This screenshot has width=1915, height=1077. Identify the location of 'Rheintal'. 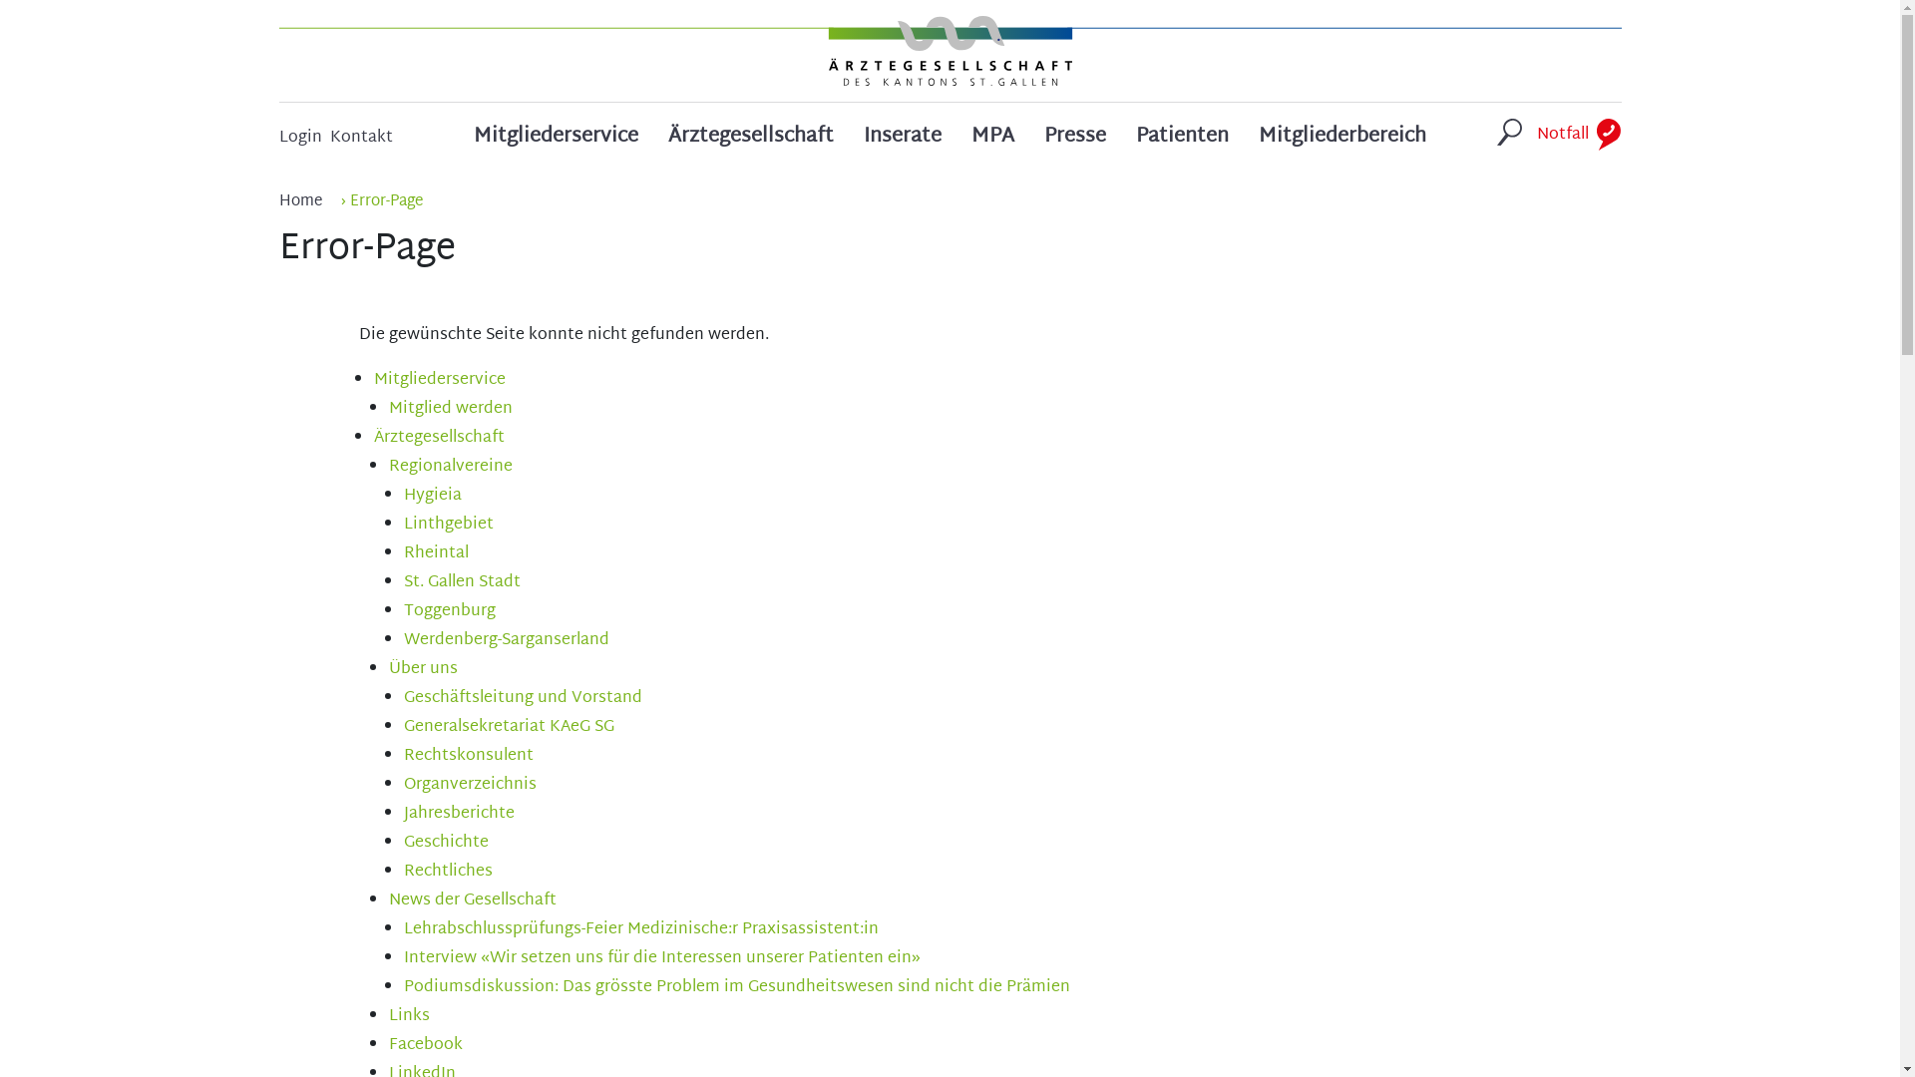
(434, 553).